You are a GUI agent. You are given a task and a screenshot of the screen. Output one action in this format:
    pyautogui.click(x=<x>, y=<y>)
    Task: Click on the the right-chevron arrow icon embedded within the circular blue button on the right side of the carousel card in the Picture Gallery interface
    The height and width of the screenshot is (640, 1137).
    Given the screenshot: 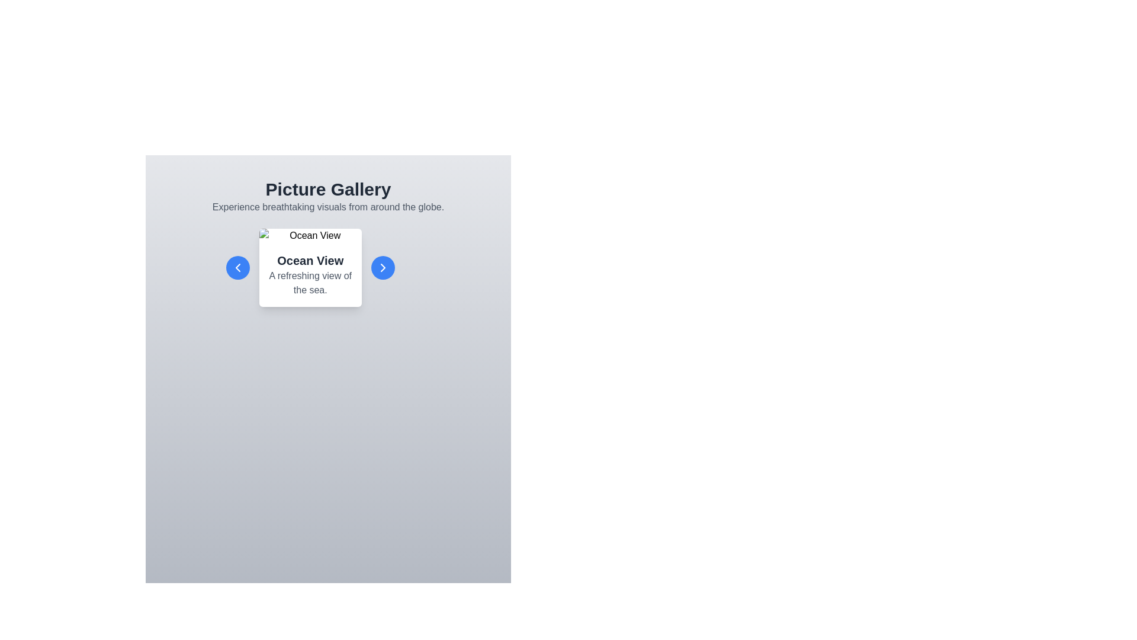 What is the action you would take?
    pyautogui.click(x=383, y=267)
    